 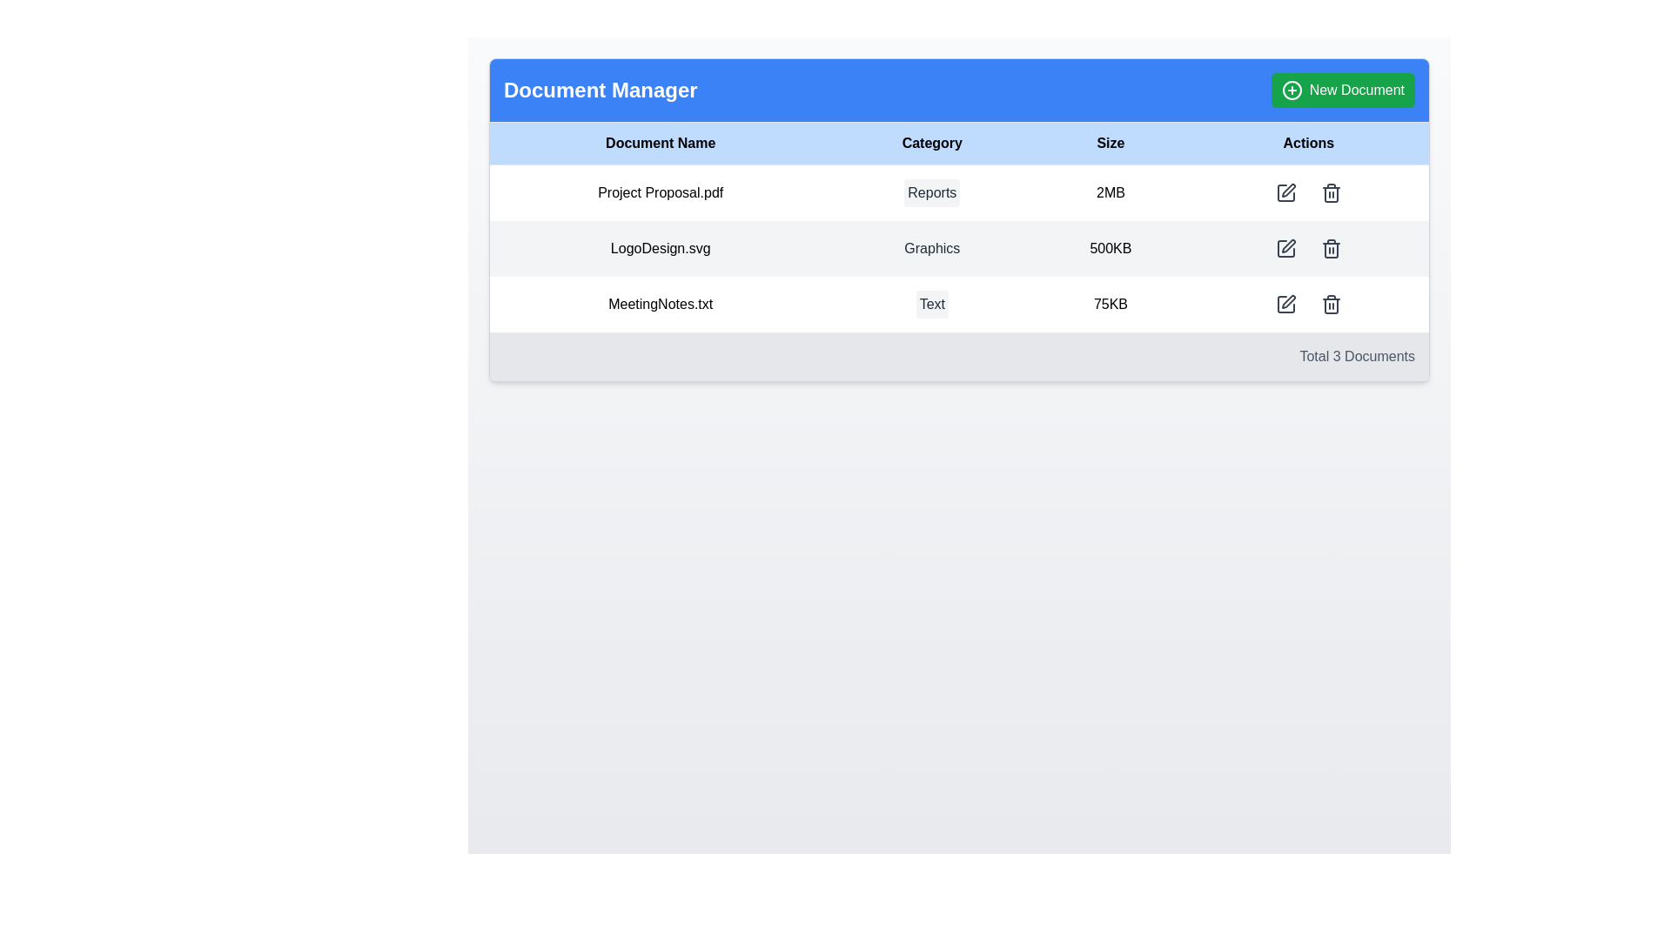 I want to click on the Trash/Delete icon, so click(x=1330, y=304).